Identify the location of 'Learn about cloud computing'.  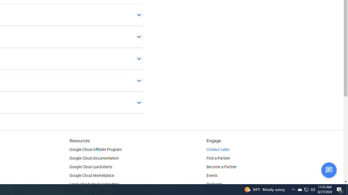
(94, 184).